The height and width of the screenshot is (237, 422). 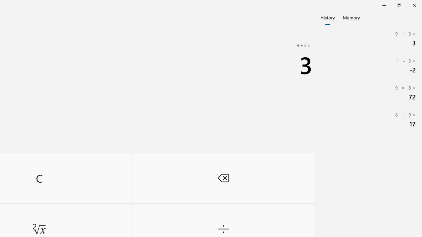 What do you see at coordinates (414, 5) in the screenshot?
I see `'Close Calculator'` at bounding box center [414, 5].